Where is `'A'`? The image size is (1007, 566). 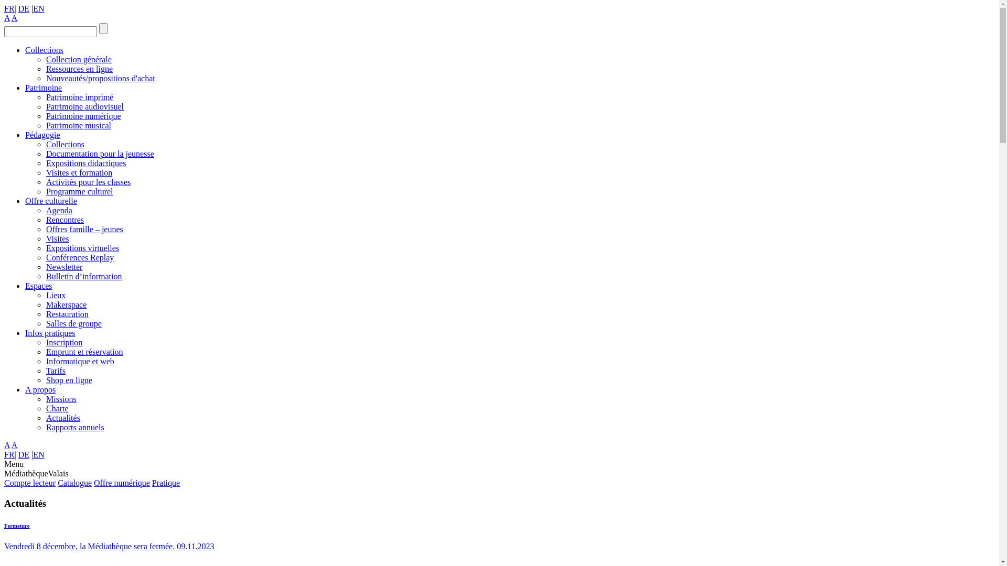
'A' is located at coordinates (15, 18).